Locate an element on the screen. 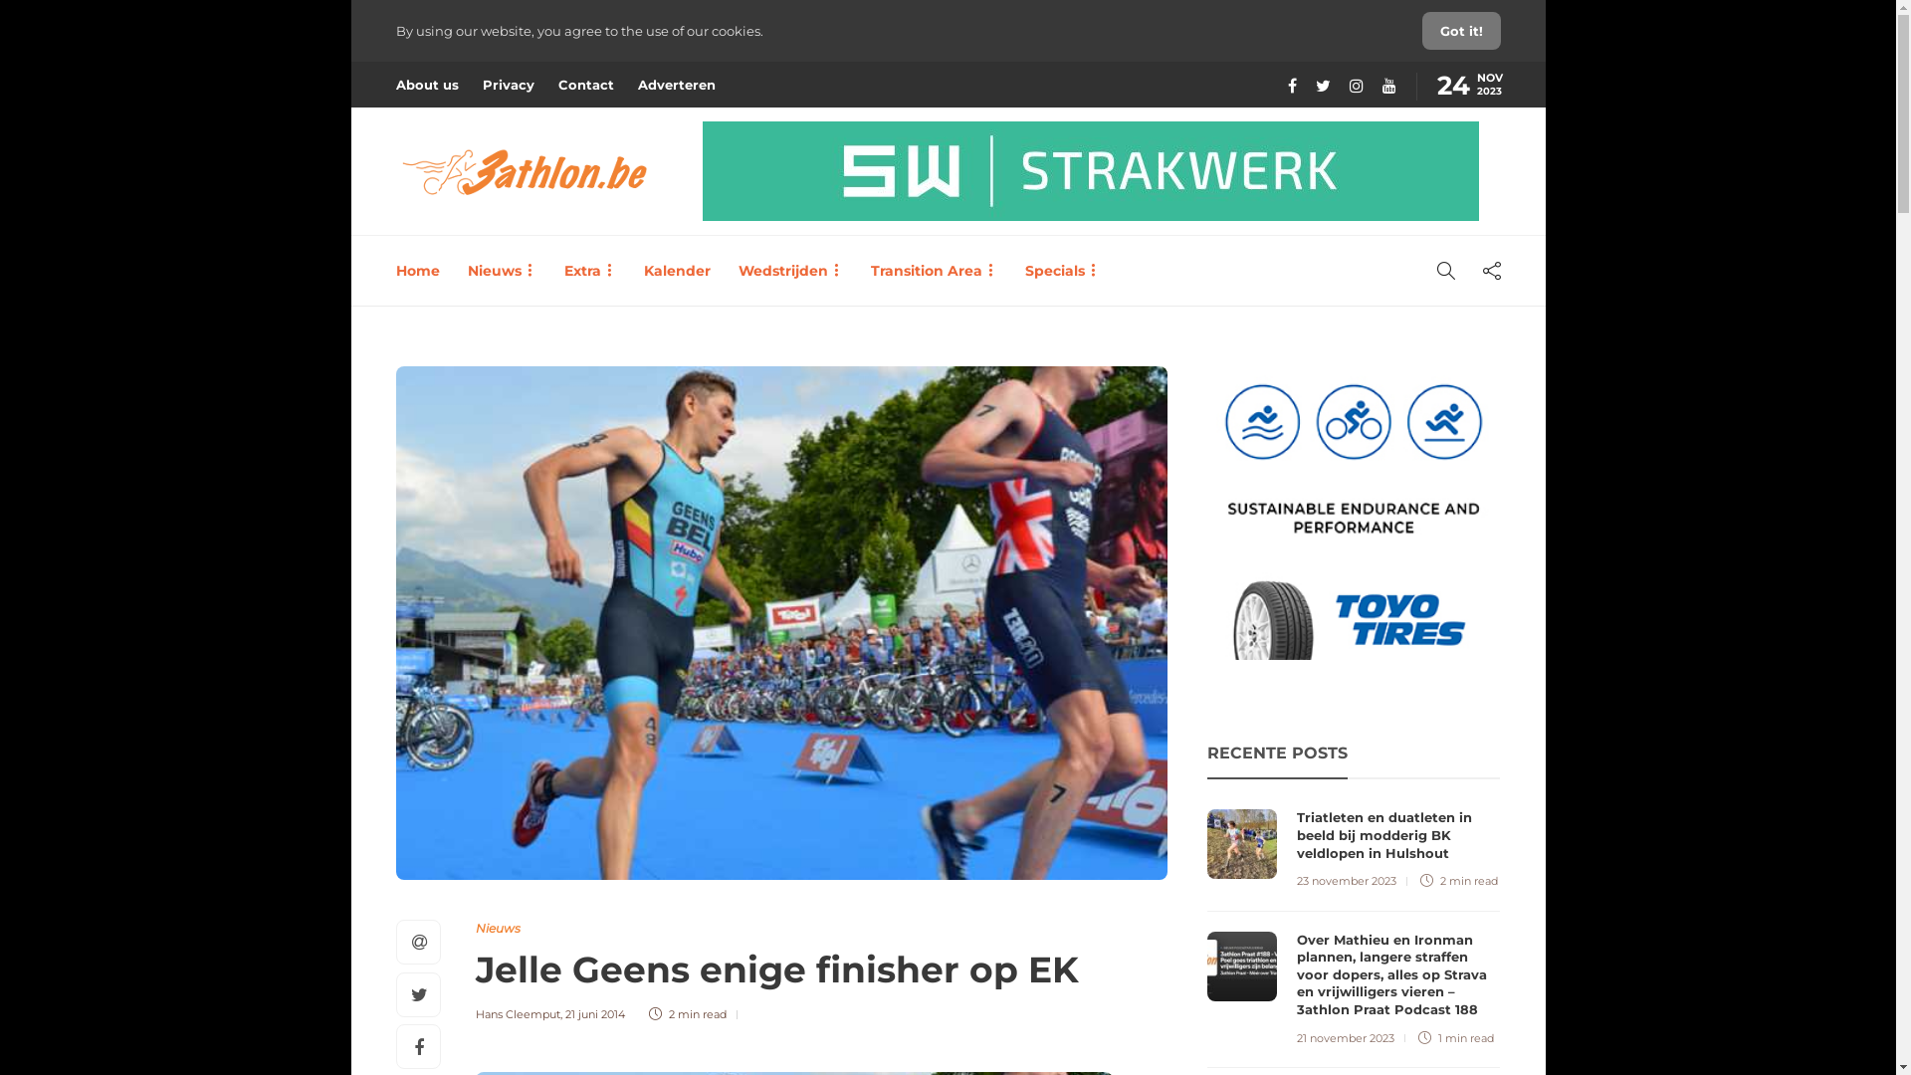 The height and width of the screenshot is (1075, 1911). 'Hans Cleemput' is located at coordinates (518, 1013).